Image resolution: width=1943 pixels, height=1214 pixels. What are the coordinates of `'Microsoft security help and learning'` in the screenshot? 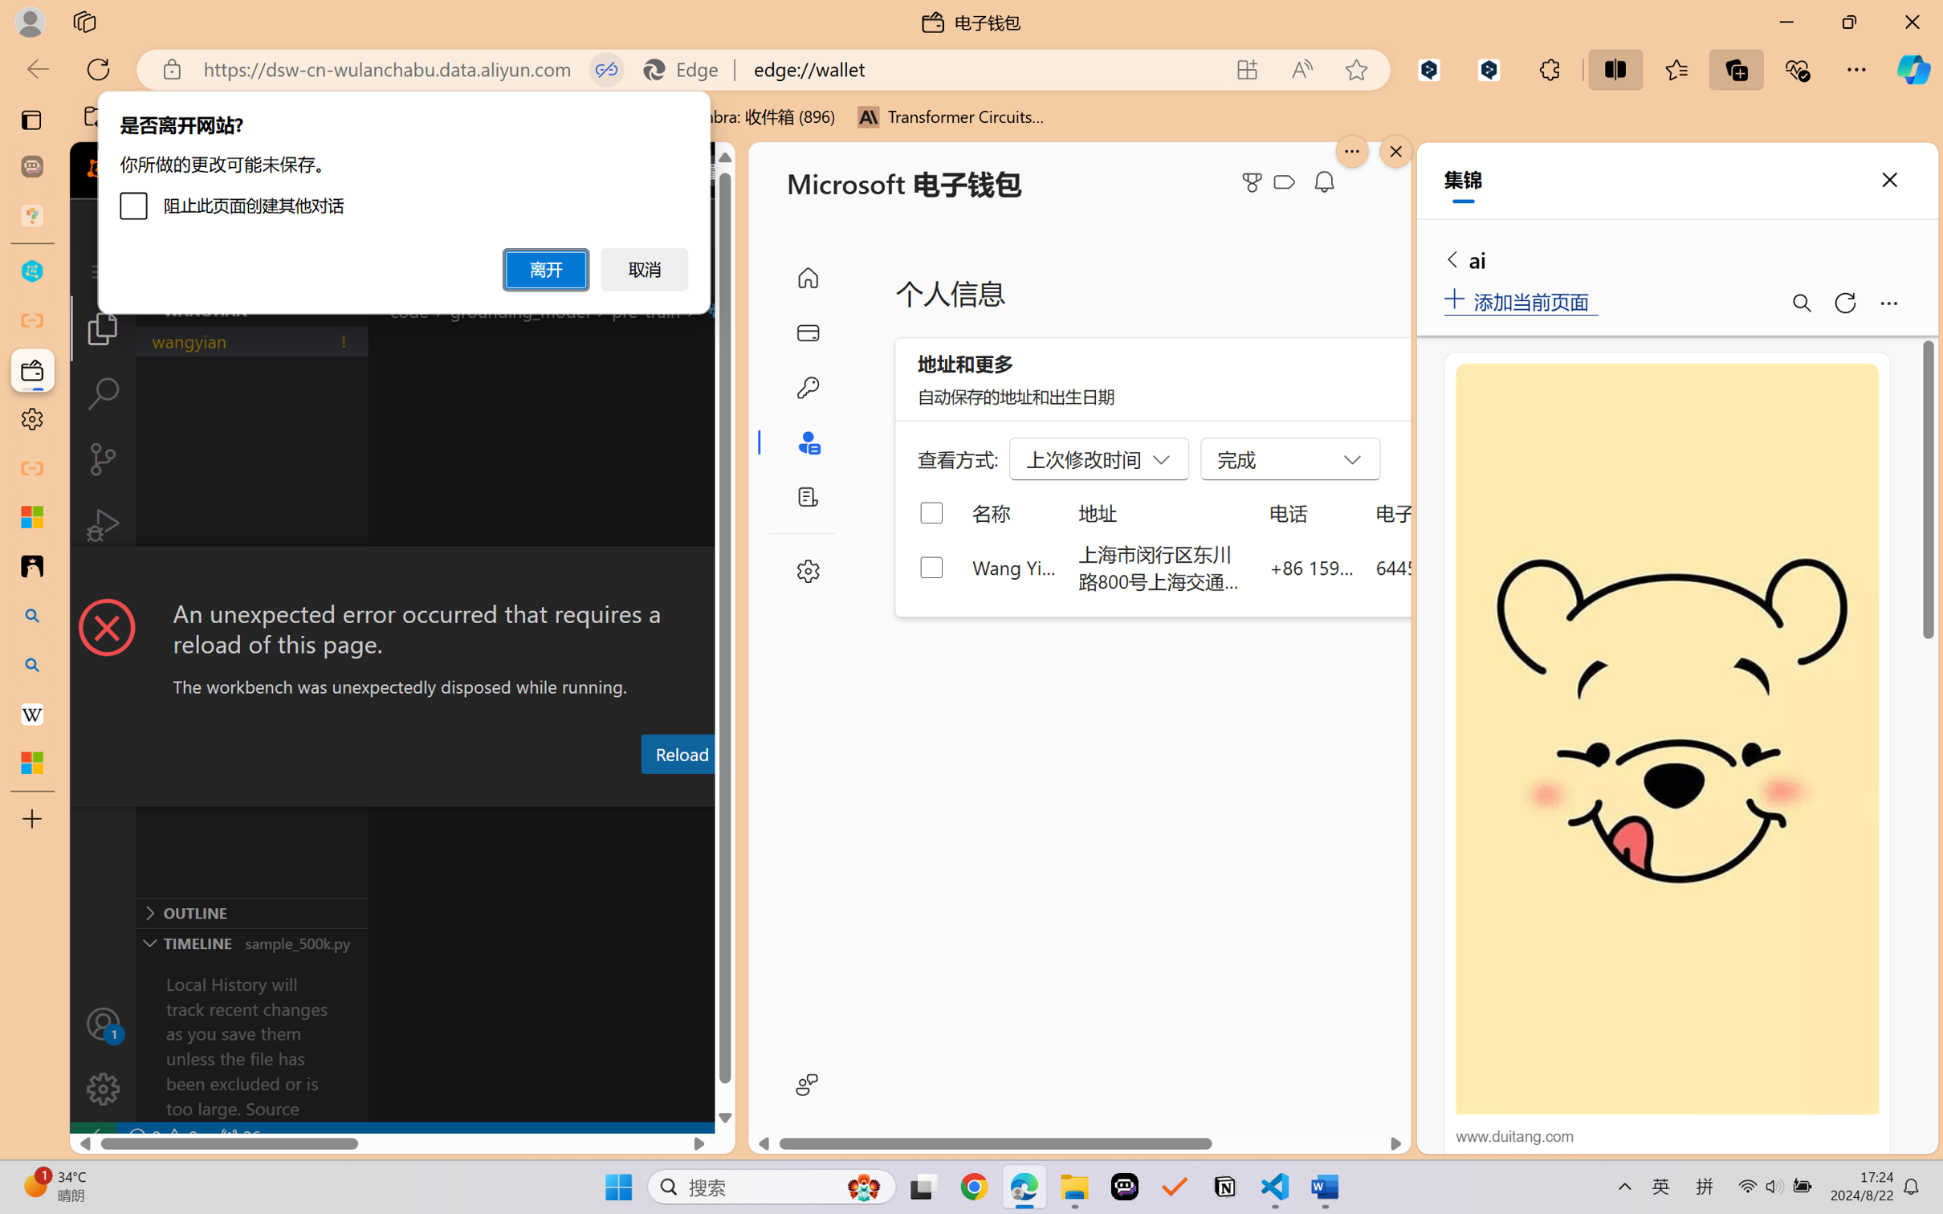 It's located at (31, 516).